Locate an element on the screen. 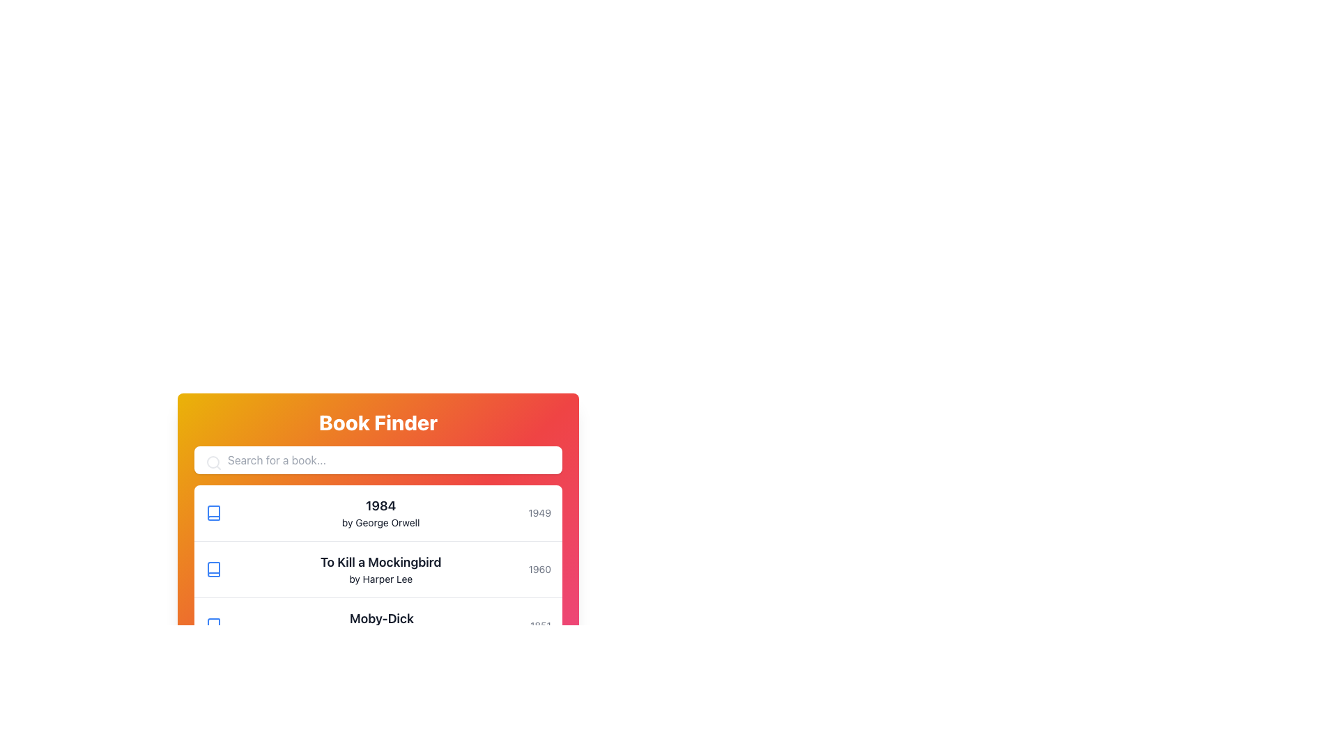 This screenshot has width=1338, height=752. the text display element that shows 'To Kill a Mockingbird' by Harper Lee, which is the second listing in the book section is located at coordinates (380, 569).